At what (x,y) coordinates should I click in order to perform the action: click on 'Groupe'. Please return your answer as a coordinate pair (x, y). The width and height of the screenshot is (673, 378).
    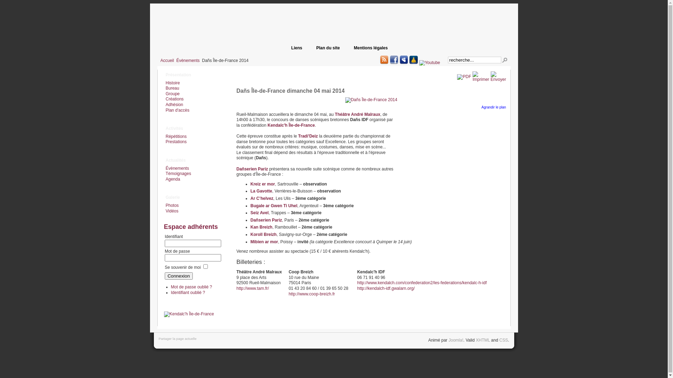
    Looking at the image, I should click on (172, 93).